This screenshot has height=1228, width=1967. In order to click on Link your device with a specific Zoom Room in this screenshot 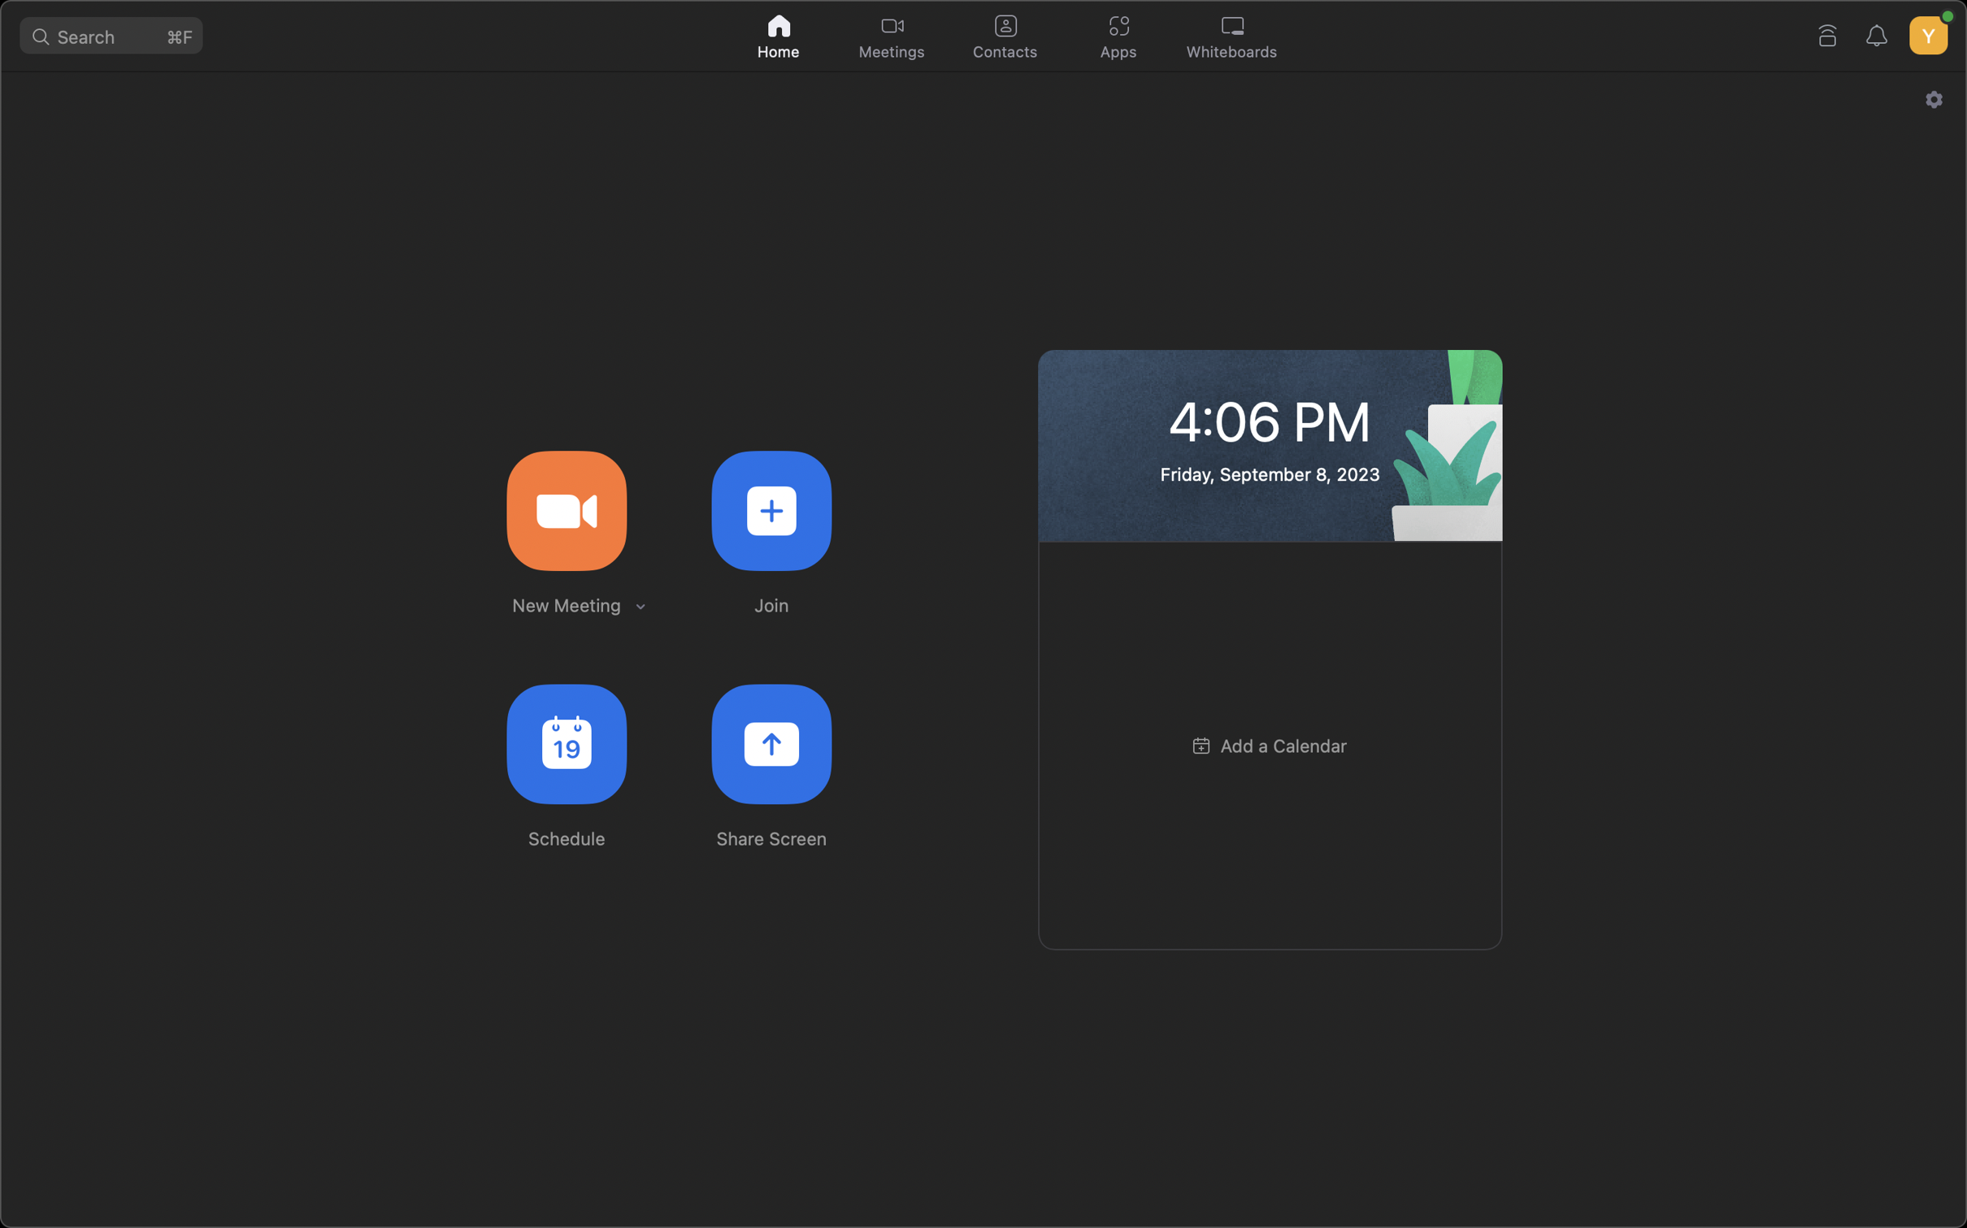, I will do `click(1828, 32)`.